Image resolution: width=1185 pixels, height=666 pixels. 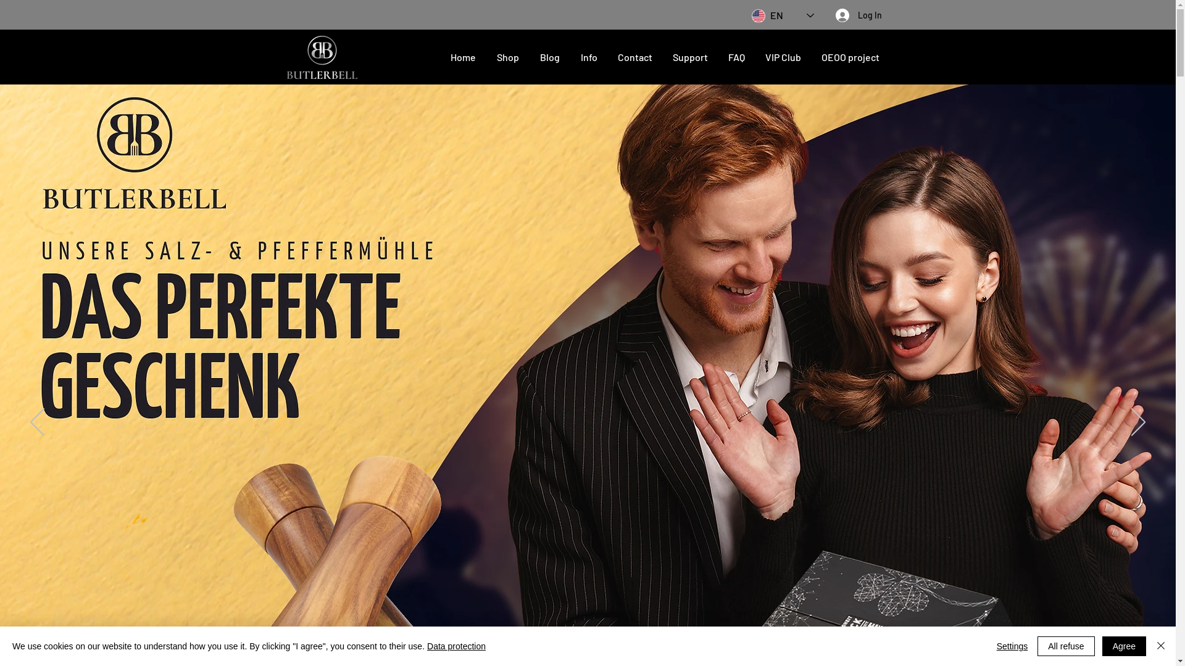 What do you see at coordinates (485, 57) in the screenshot?
I see `'Shop'` at bounding box center [485, 57].